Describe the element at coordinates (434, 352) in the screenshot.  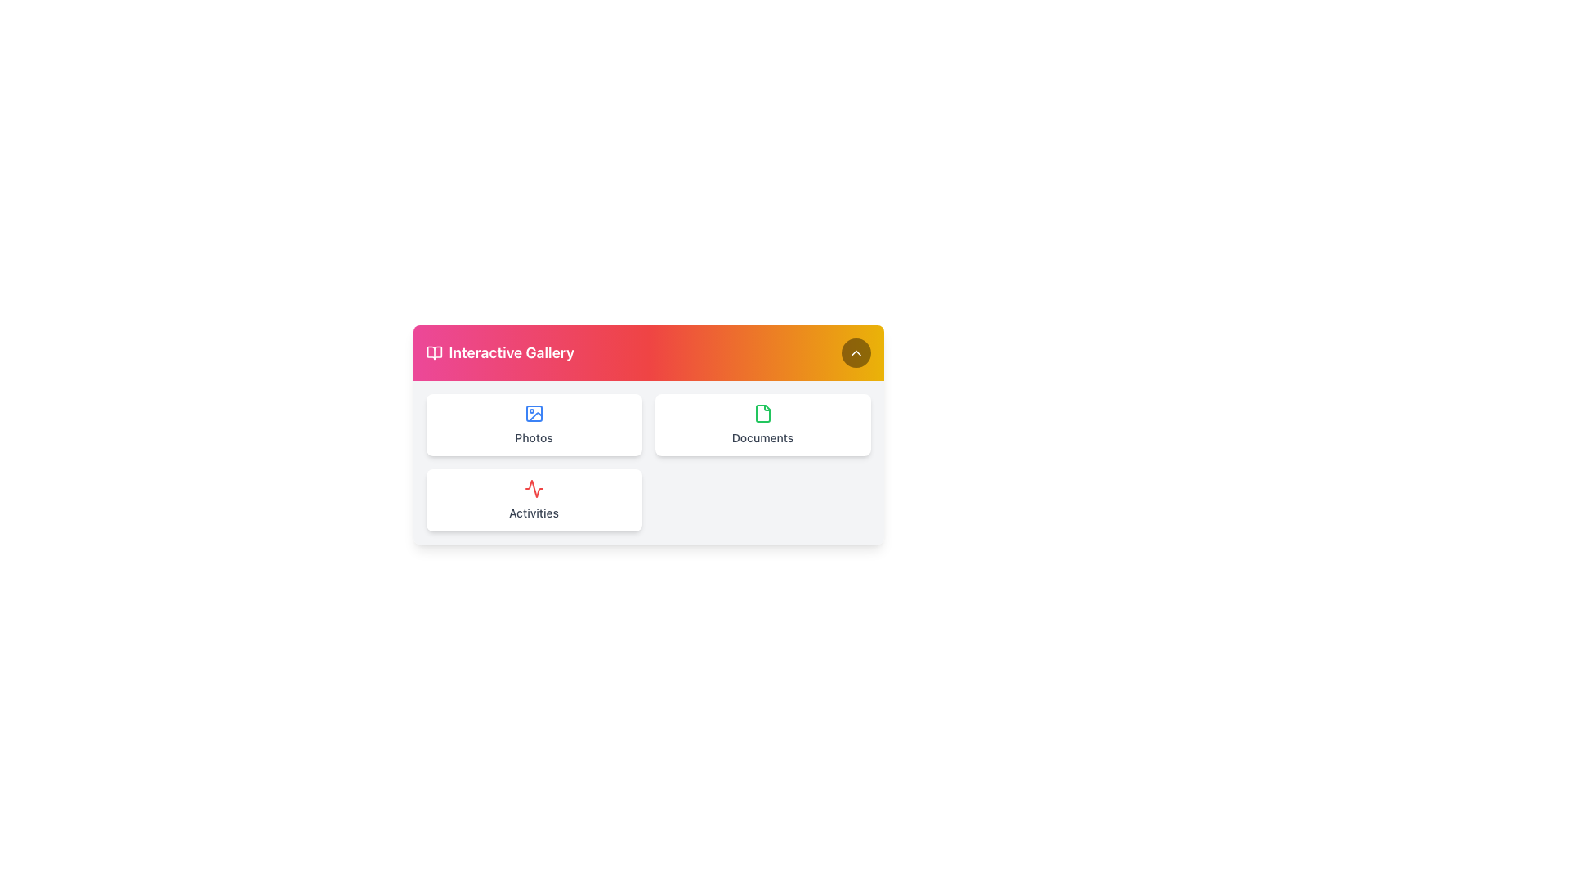
I see `the open book icon SVG graphic located in the header section of the interface, positioned to the left of 'Interactive Gallery'` at that location.